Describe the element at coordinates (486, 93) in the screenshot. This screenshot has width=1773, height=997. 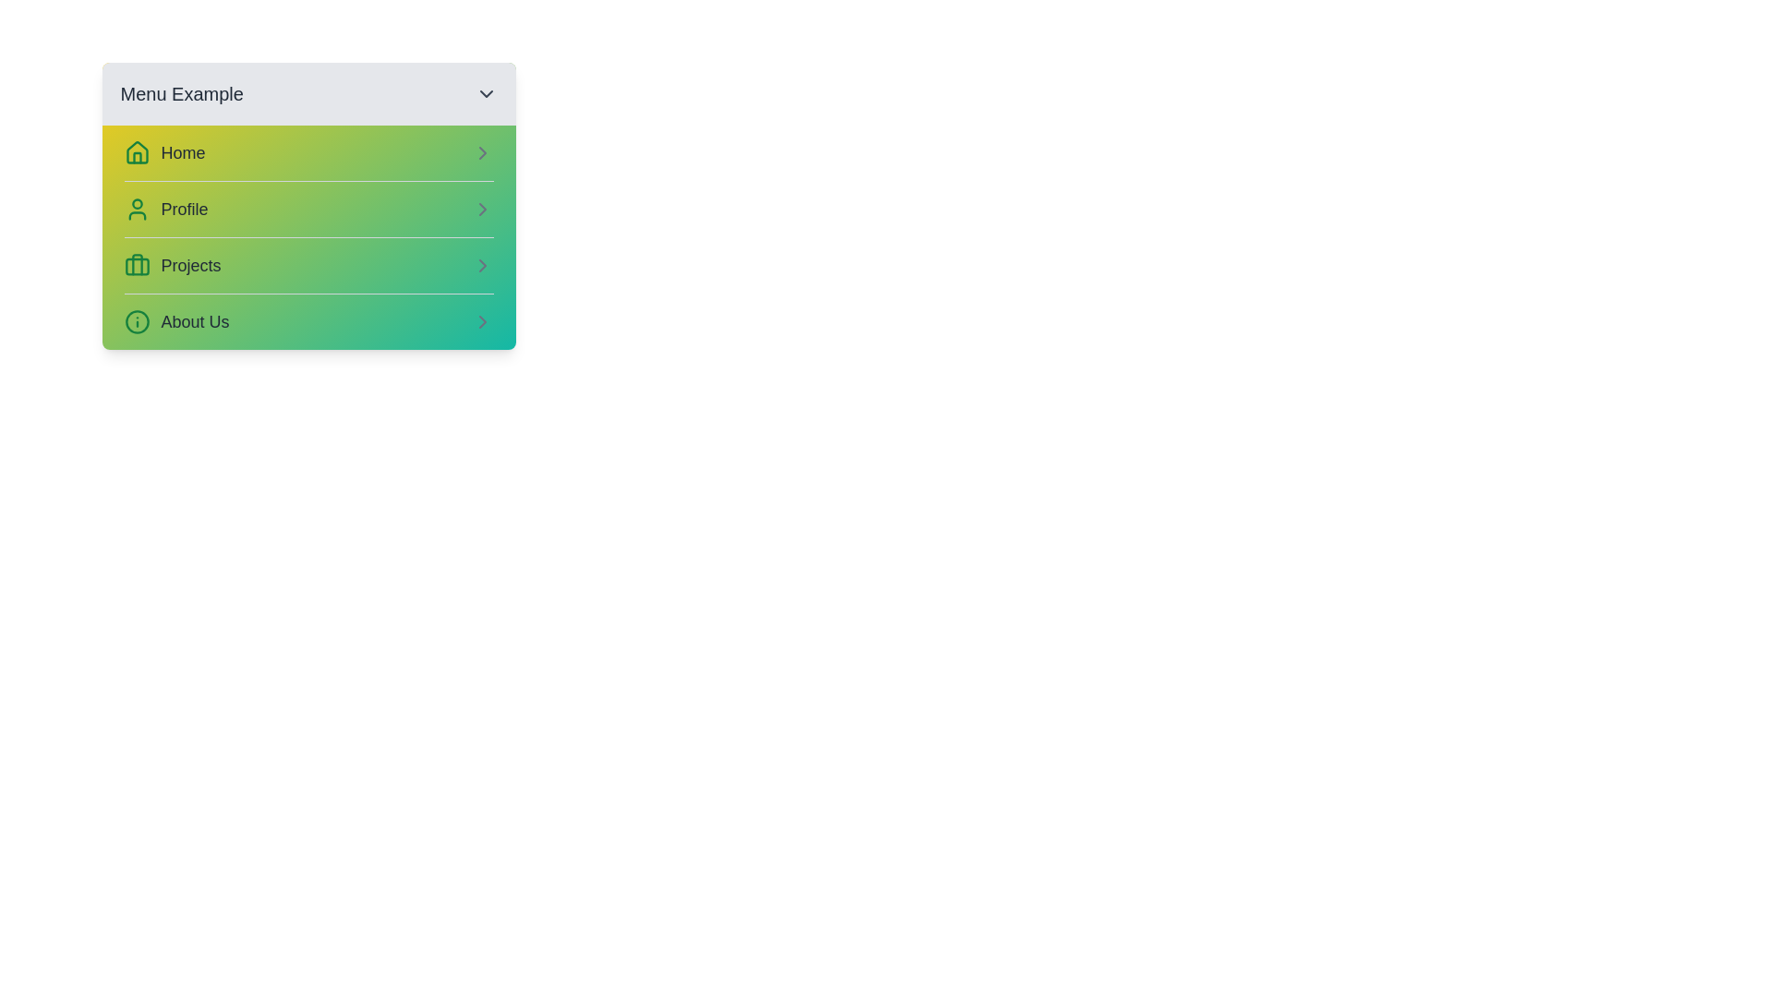
I see `the toggle button in the header of the menu to toggle its visibility` at that location.